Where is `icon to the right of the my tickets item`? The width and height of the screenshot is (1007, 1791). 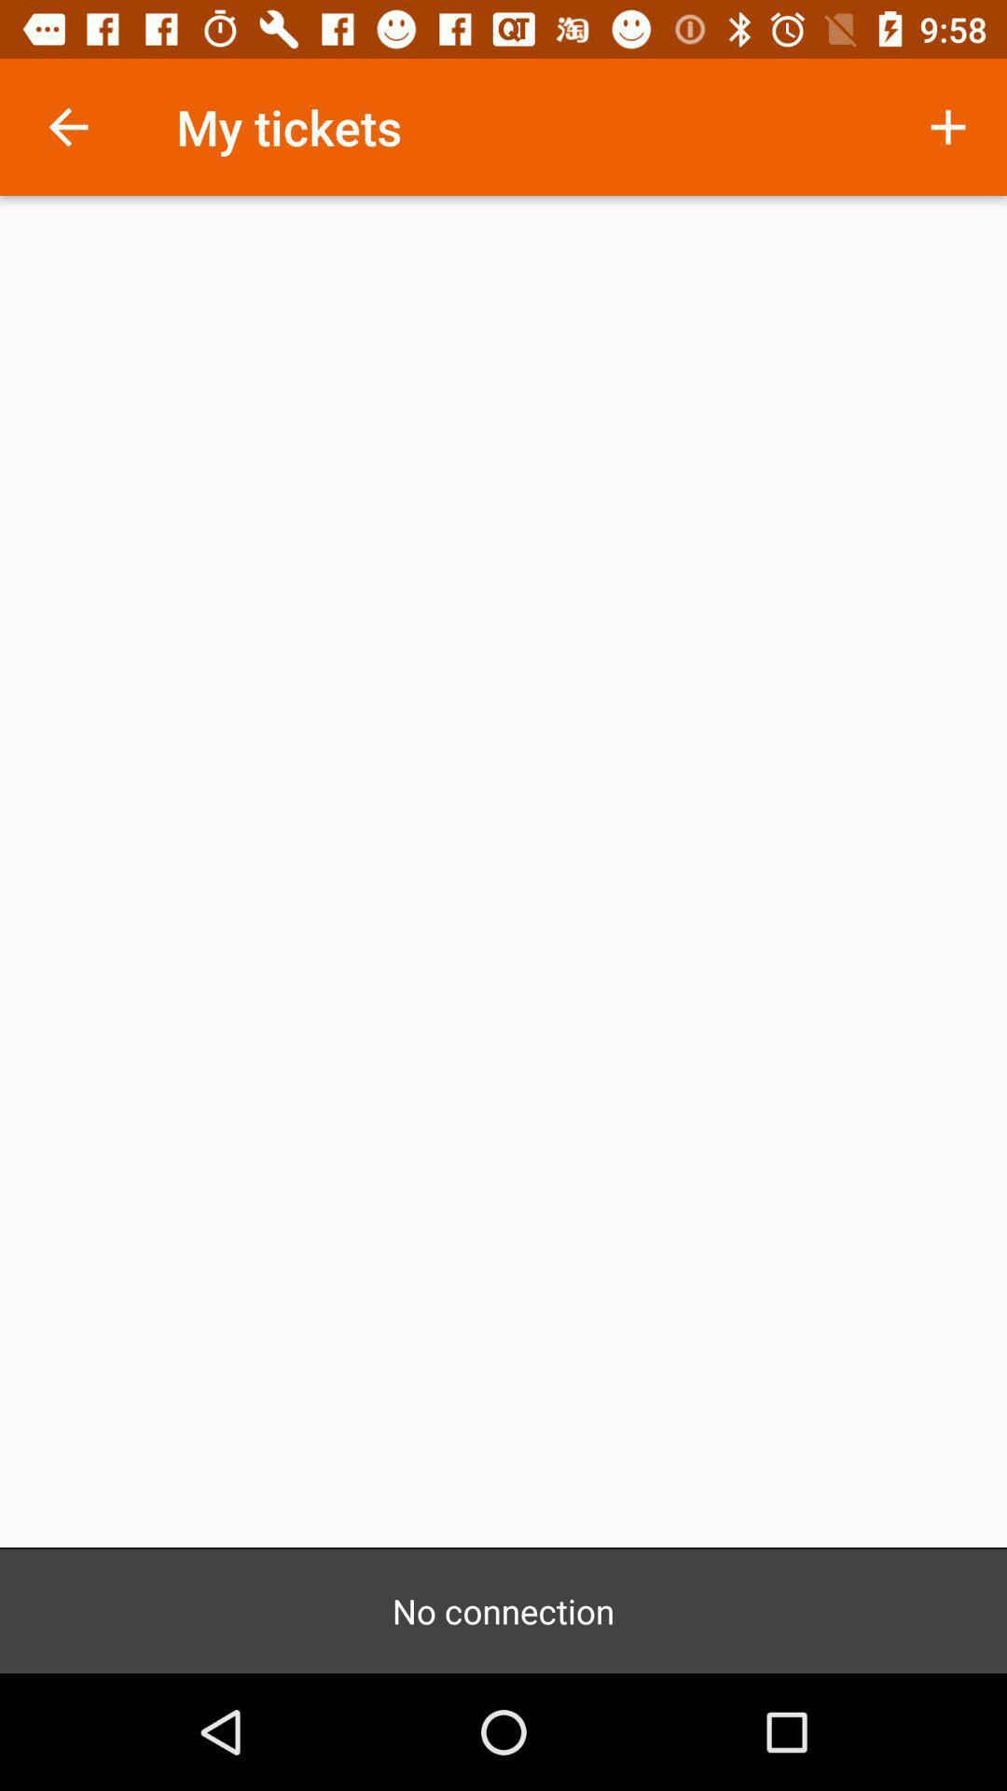
icon to the right of the my tickets item is located at coordinates (948, 126).